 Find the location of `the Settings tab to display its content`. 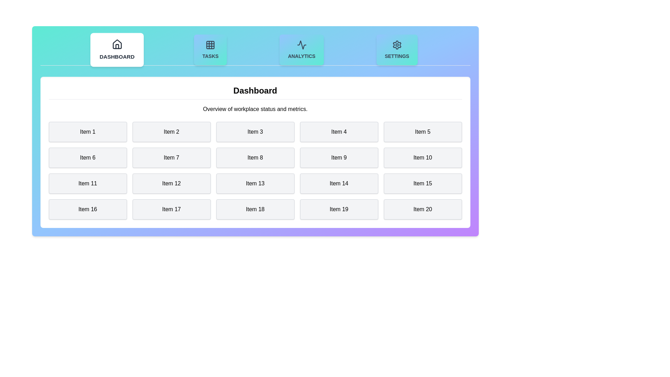

the Settings tab to display its content is located at coordinates (397, 49).